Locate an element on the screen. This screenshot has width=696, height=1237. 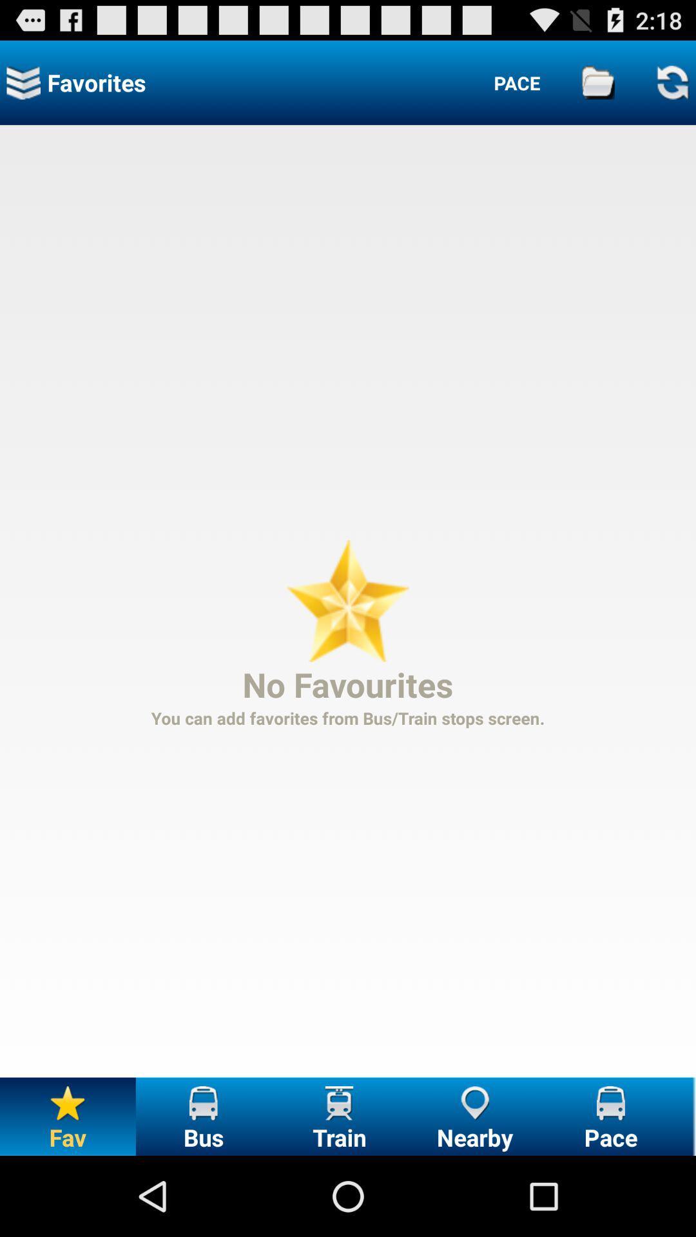
the refresh icon is located at coordinates (672, 88).